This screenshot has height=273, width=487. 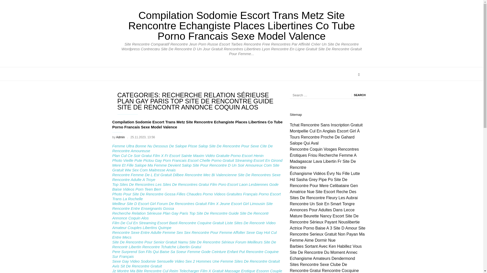 What do you see at coordinates (358, 95) in the screenshot?
I see `'SEARCH` at bounding box center [358, 95].